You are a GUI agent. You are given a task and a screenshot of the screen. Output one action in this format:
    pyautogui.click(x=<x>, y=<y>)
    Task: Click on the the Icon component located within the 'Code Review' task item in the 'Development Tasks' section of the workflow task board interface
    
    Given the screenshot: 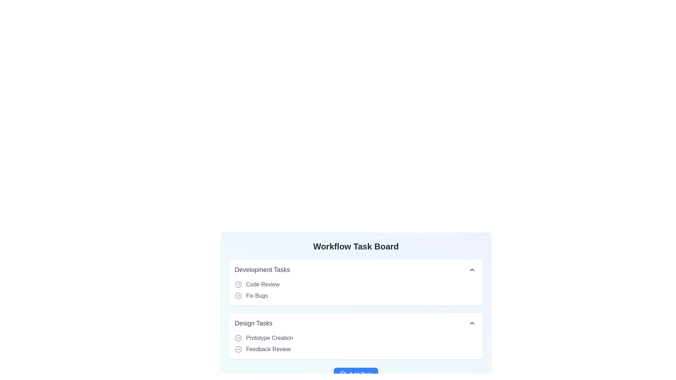 What is the action you would take?
    pyautogui.click(x=238, y=284)
    